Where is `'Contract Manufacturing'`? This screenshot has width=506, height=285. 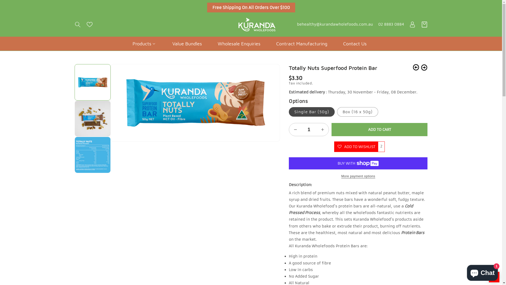
'Contract Manufacturing' is located at coordinates (302, 43).